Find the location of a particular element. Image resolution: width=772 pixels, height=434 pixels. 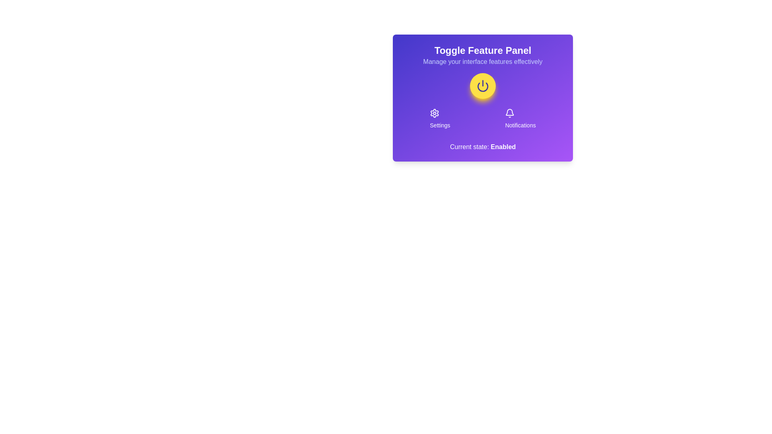

the text block displaying 'Toggle Feature Panel' and its subtitle 'Manage your interface features effectively' to read the text is located at coordinates (482, 55).